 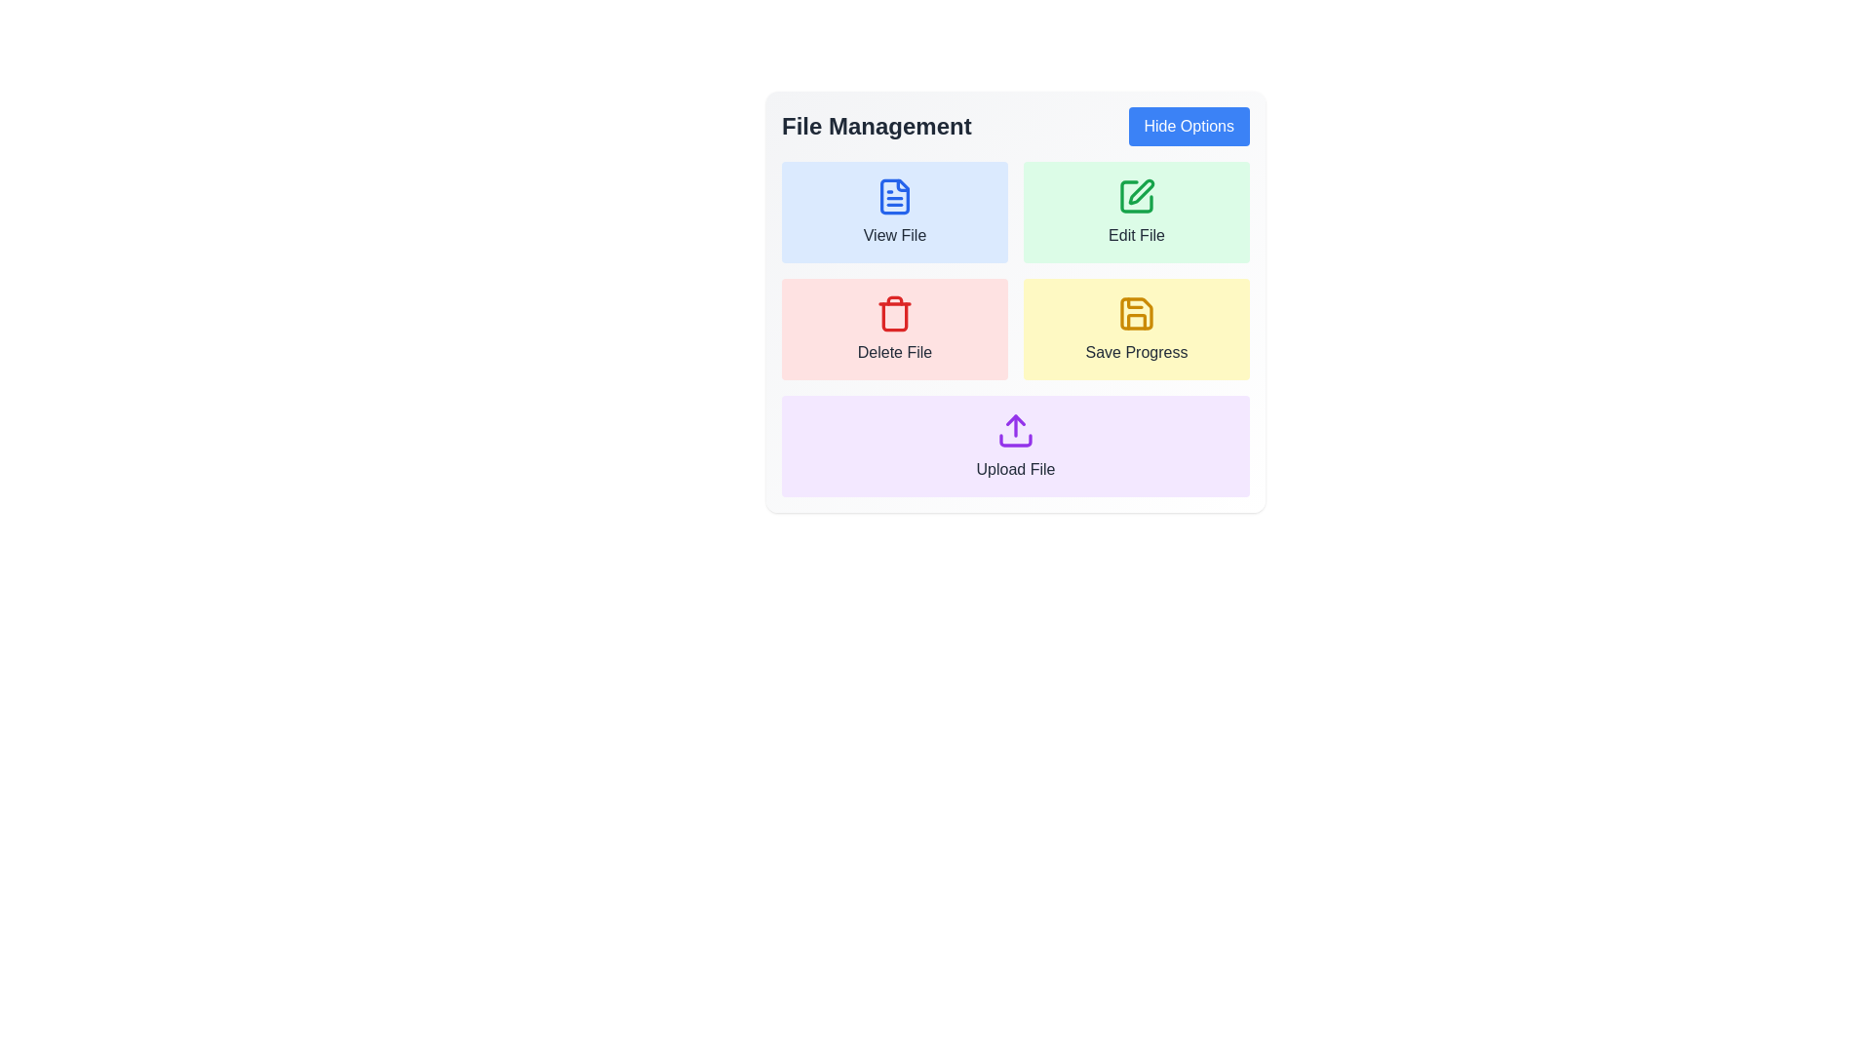 What do you see at coordinates (893, 213) in the screenshot?
I see `the blue rectangular button labeled 'View File' with a document icon` at bounding box center [893, 213].